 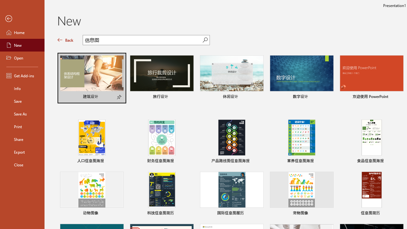 I want to click on 'Print', so click(x=22, y=127).